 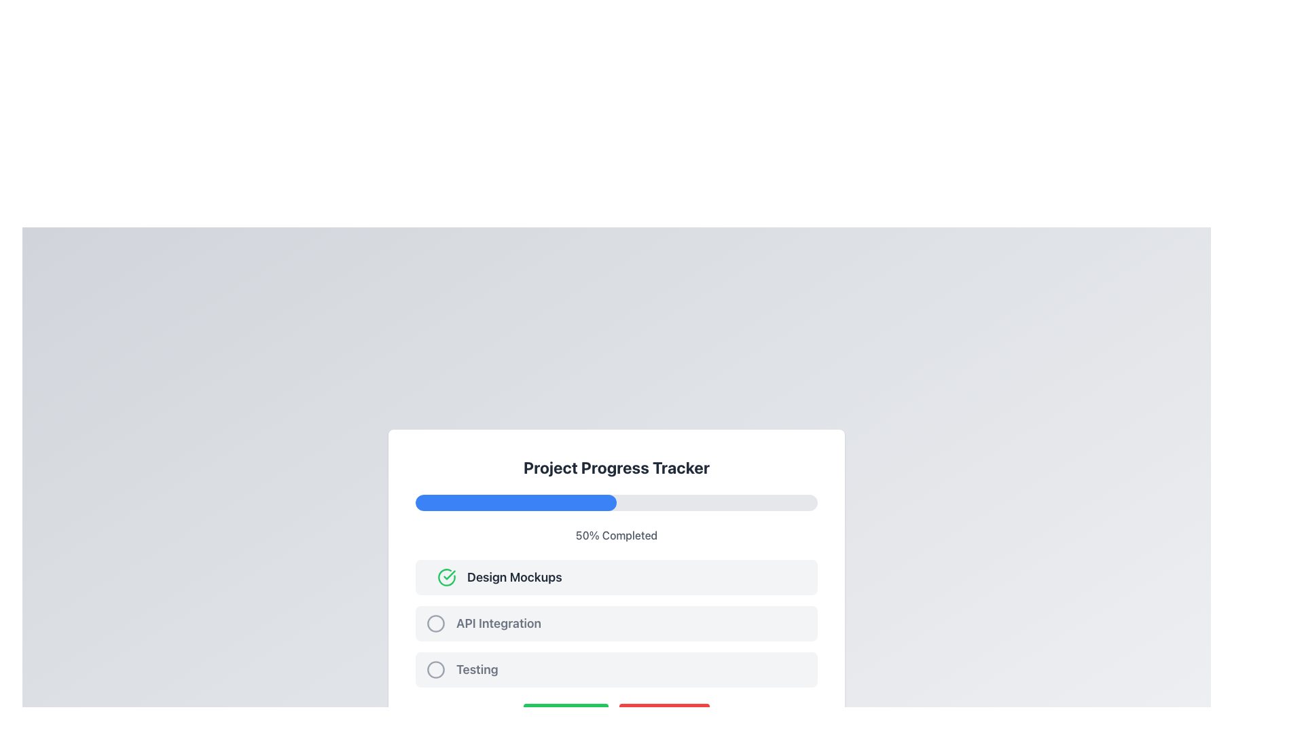 What do you see at coordinates (436, 623) in the screenshot?
I see `the decorative status-indicating circle element associated with the 'API Integration' task, located to the left of the text label 'API Integration'` at bounding box center [436, 623].